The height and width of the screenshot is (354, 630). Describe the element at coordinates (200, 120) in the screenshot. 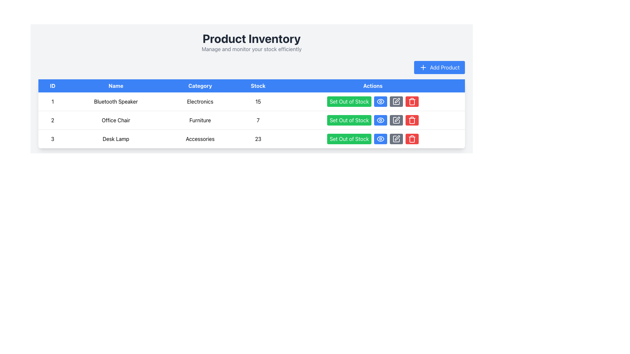

I see `the text indicating the product category located in the second row of the table under the 'Category' column, adjacent to the 'Office Chair' text in the 'Name' column` at that location.